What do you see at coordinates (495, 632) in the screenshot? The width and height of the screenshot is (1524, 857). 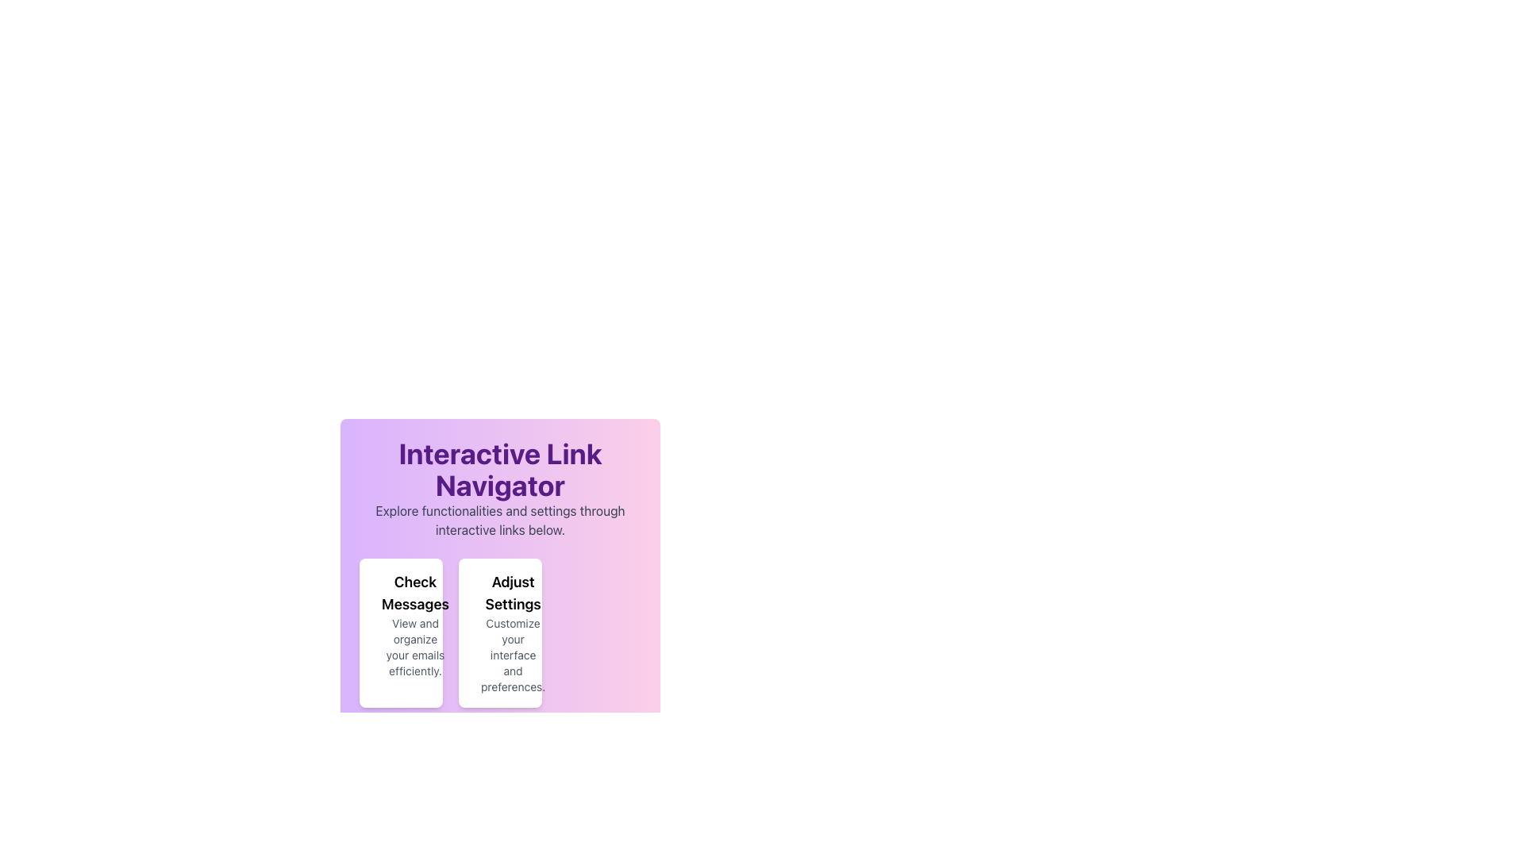 I see `text label that displays 'Go to Settings' located in the 'Adjust Settings' section of the 'Interactive Link Navigator' panel` at bounding box center [495, 632].